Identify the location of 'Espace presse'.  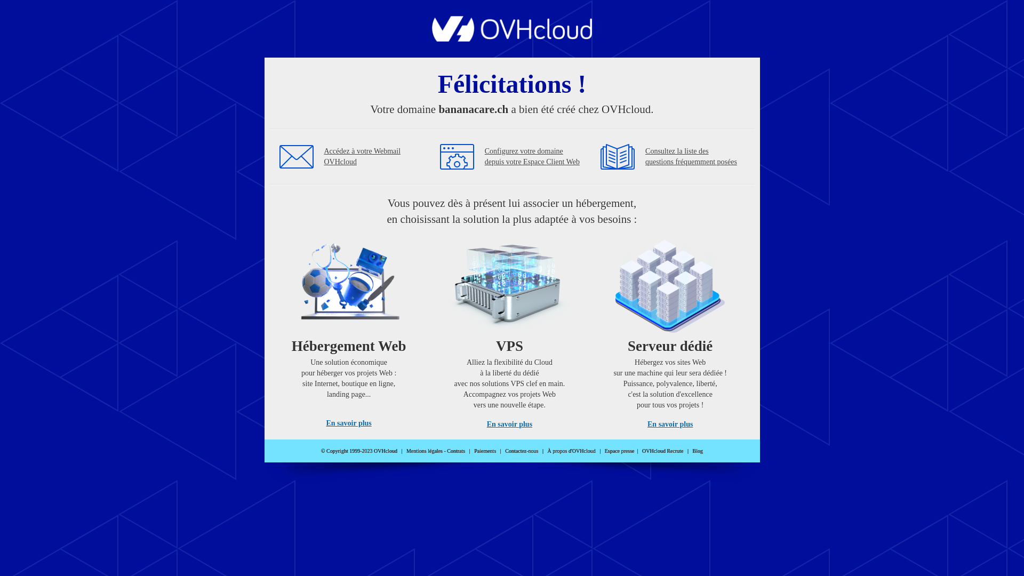
(619, 451).